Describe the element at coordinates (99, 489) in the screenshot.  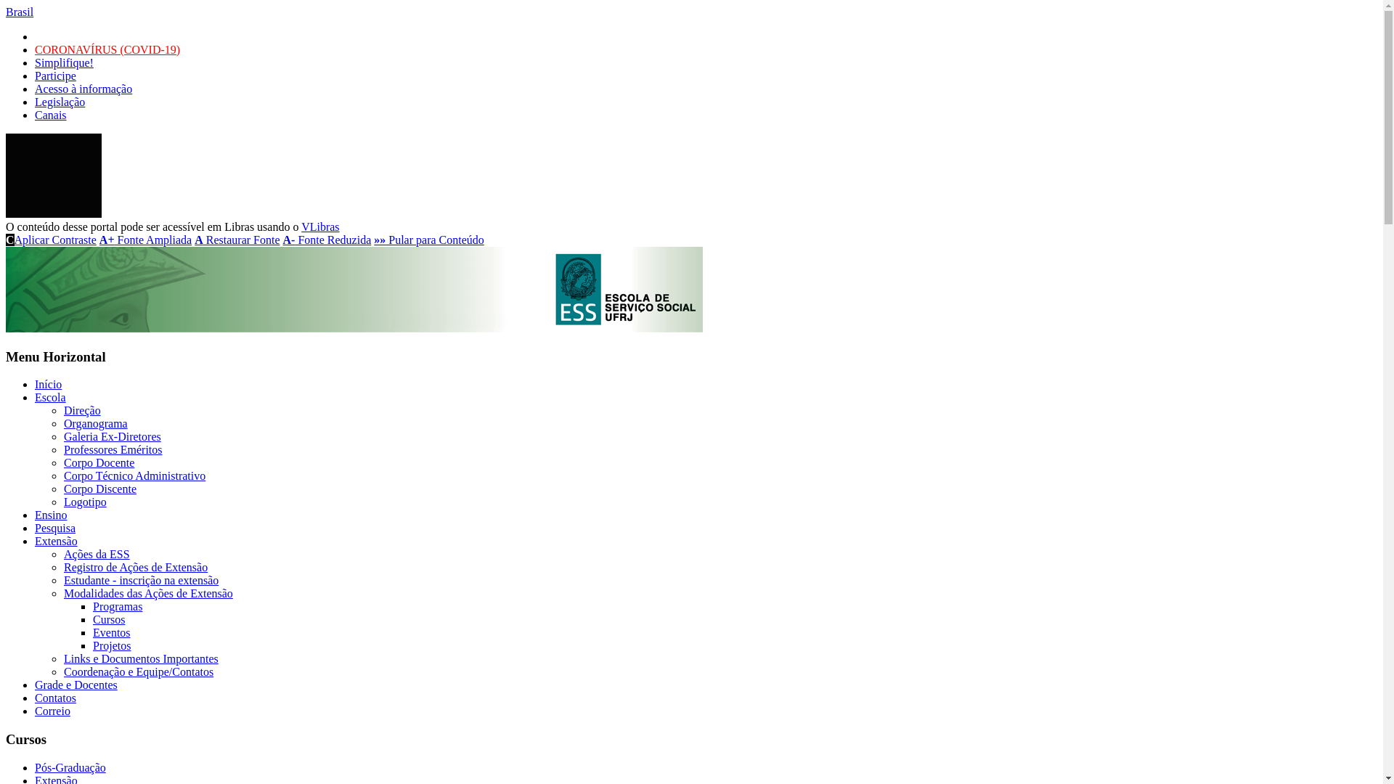
I see `'Corpo Discente'` at that location.